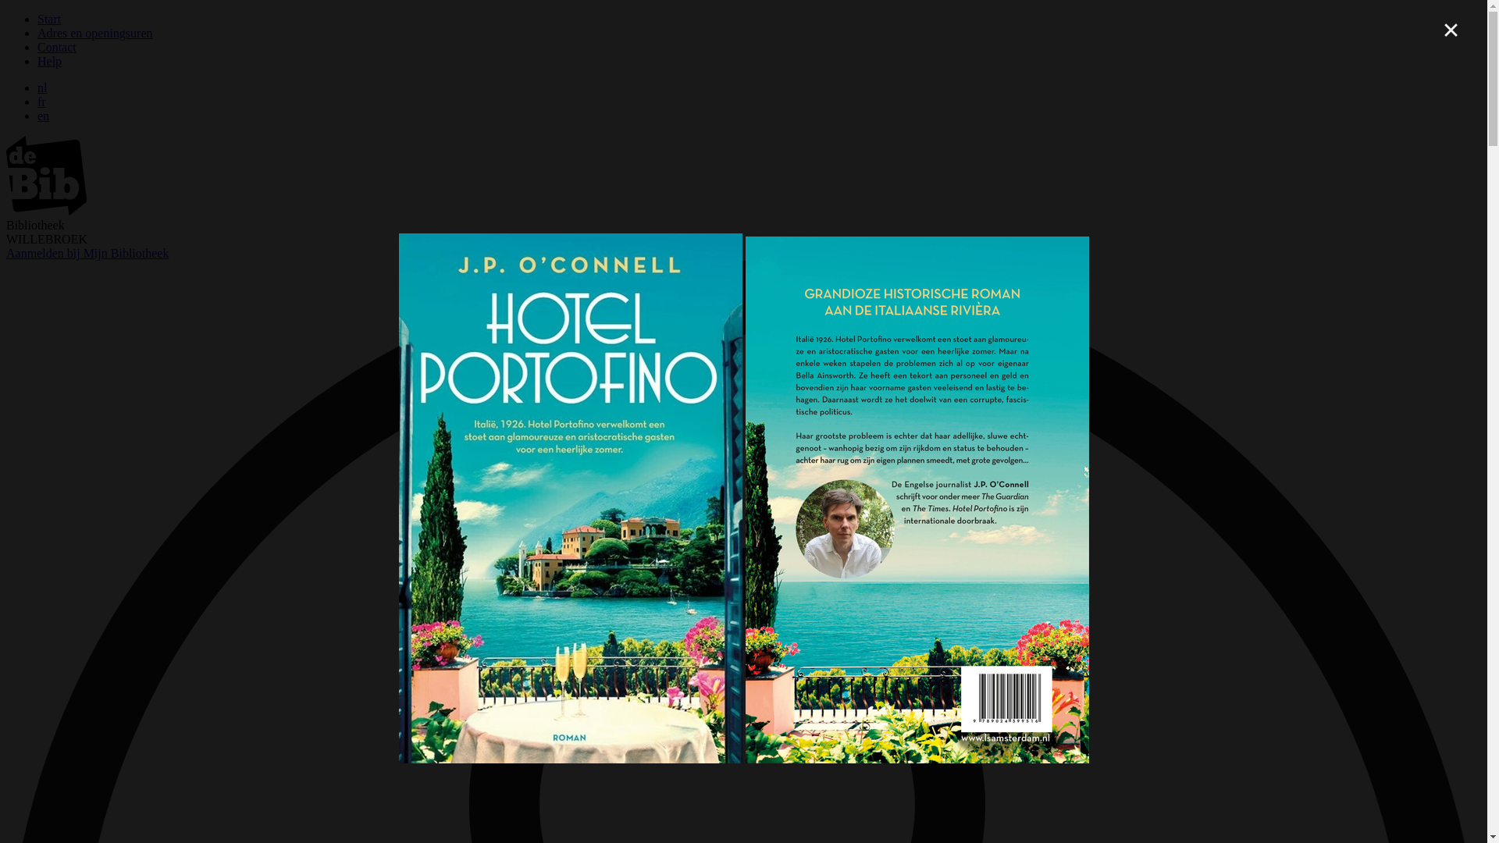 The height and width of the screenshot is (843, 1499). Describe the element at coordinates (41, 101) in the screenshot. I see `'fr'` at that location.